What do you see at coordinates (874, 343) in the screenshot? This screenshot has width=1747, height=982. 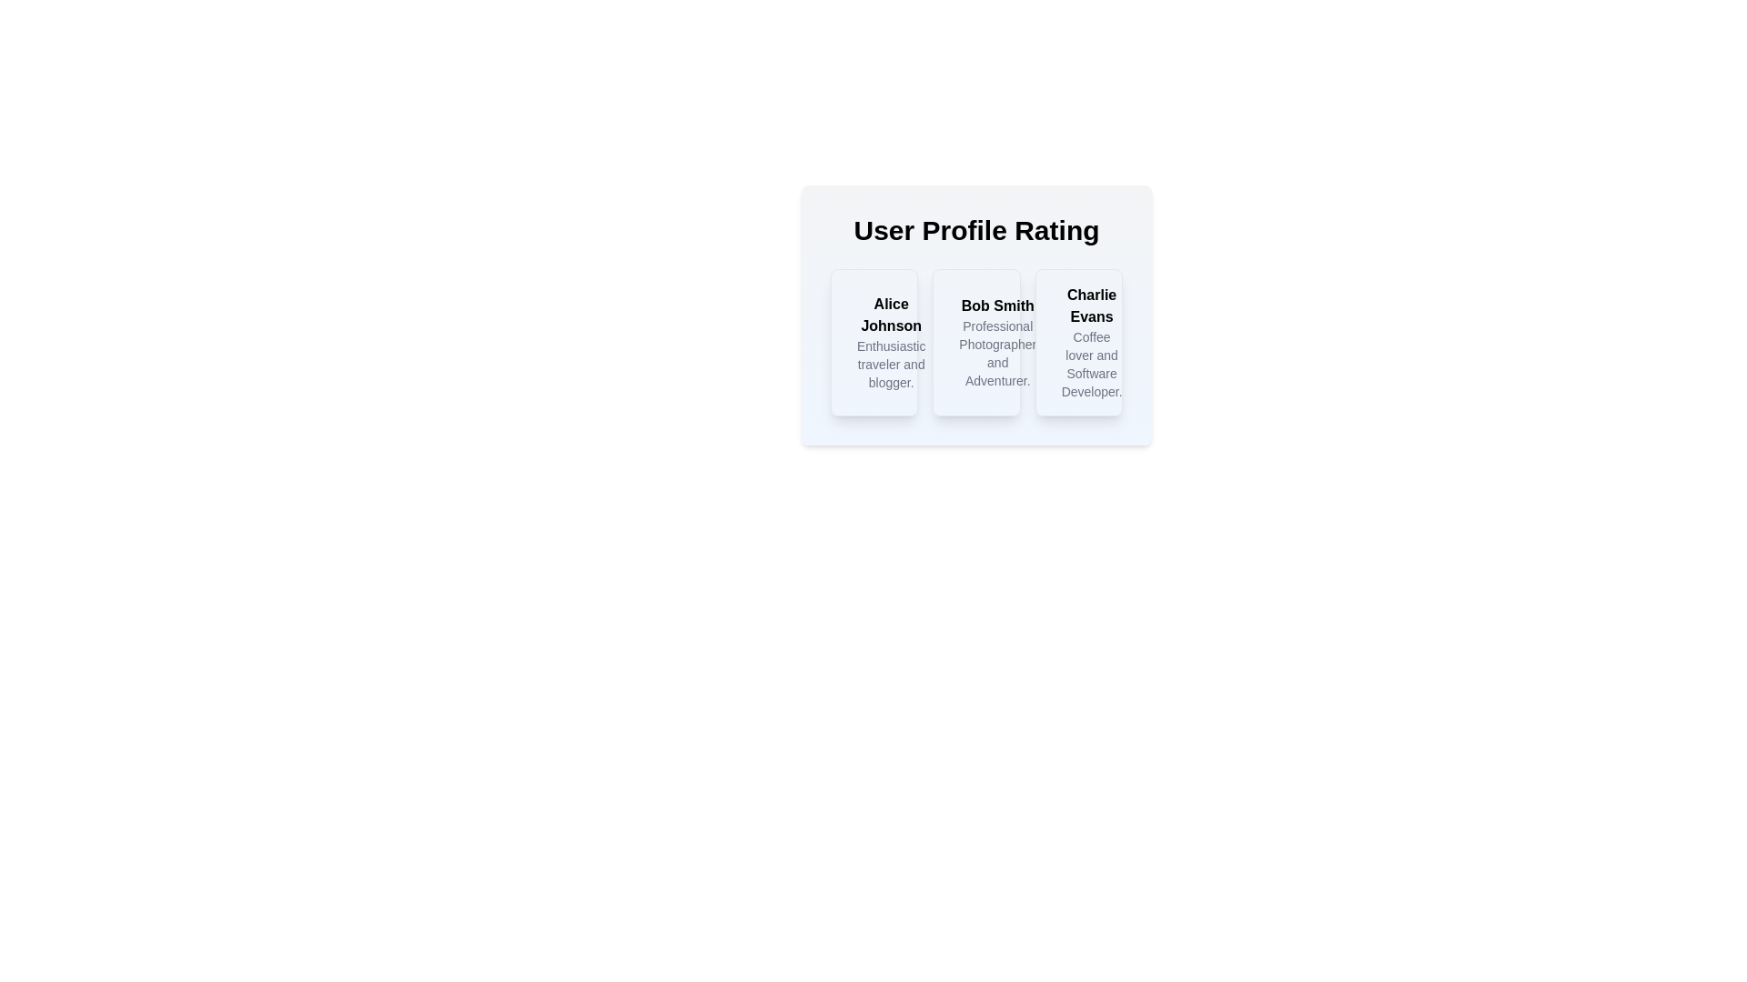 I see `text block displaying the name 'Alice Johnson' and the biography 'Enthusiastic traveler and blogger.' from the first profile card in the horizontal list` at bounding box center [874, 343].